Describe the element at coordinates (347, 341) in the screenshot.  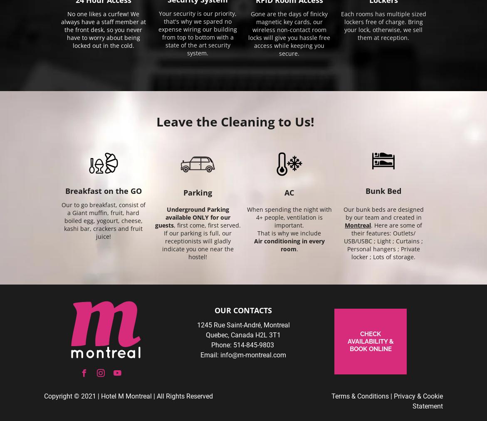
I see `'CHECK AVAILABILITY & BOOK ONLINE'` at that location.